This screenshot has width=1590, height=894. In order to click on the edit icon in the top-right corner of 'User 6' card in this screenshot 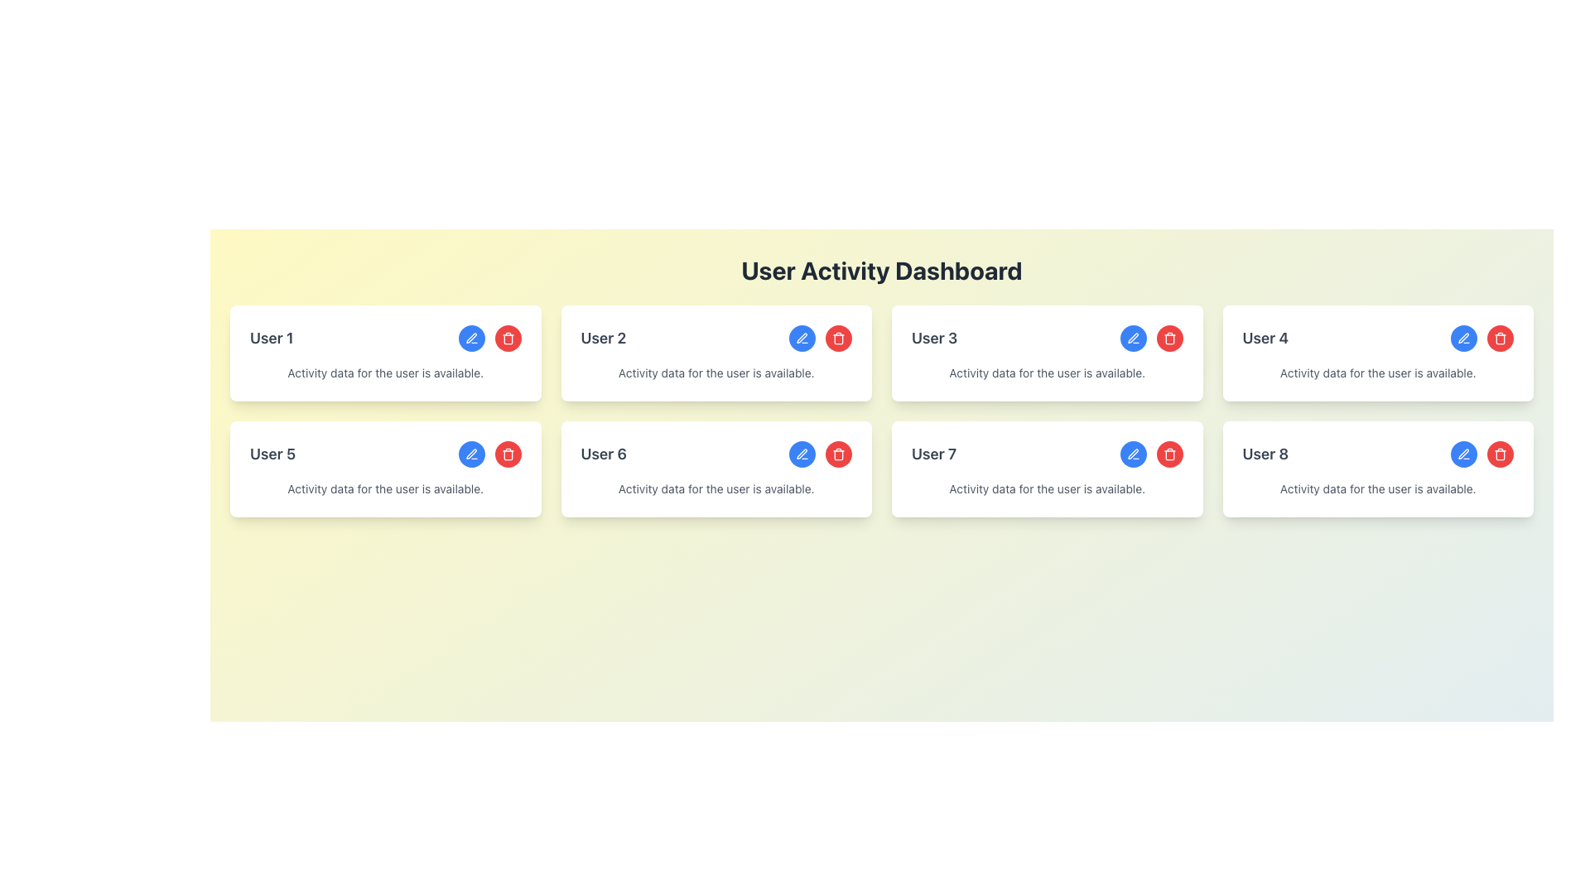, I will do `click(1132, 337)`.